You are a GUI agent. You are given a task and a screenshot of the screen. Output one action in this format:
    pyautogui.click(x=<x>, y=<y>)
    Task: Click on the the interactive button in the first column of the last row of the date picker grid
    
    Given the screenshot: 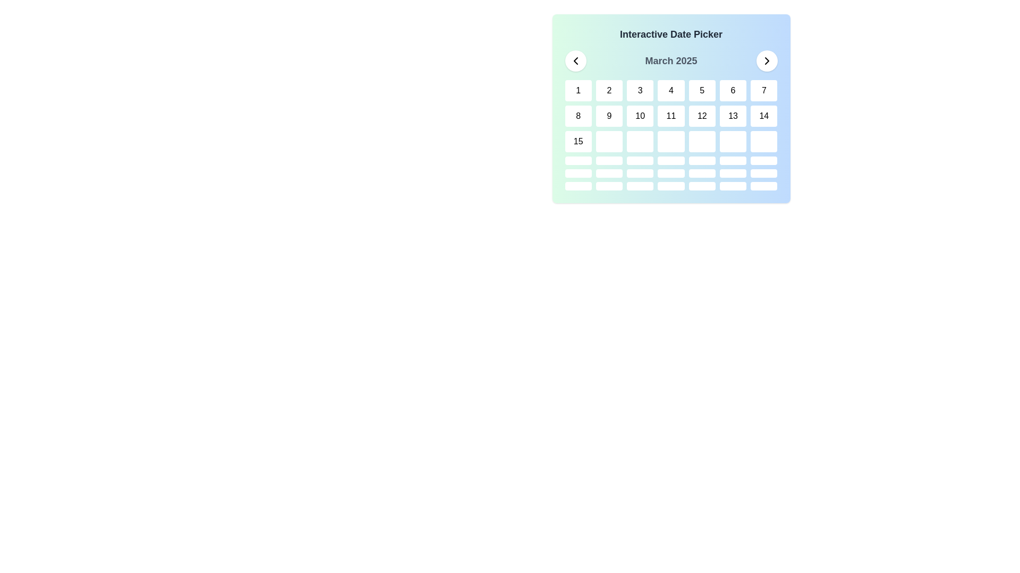 What is the action you would take?
    pyautogui.click(x=577, y=186)
    